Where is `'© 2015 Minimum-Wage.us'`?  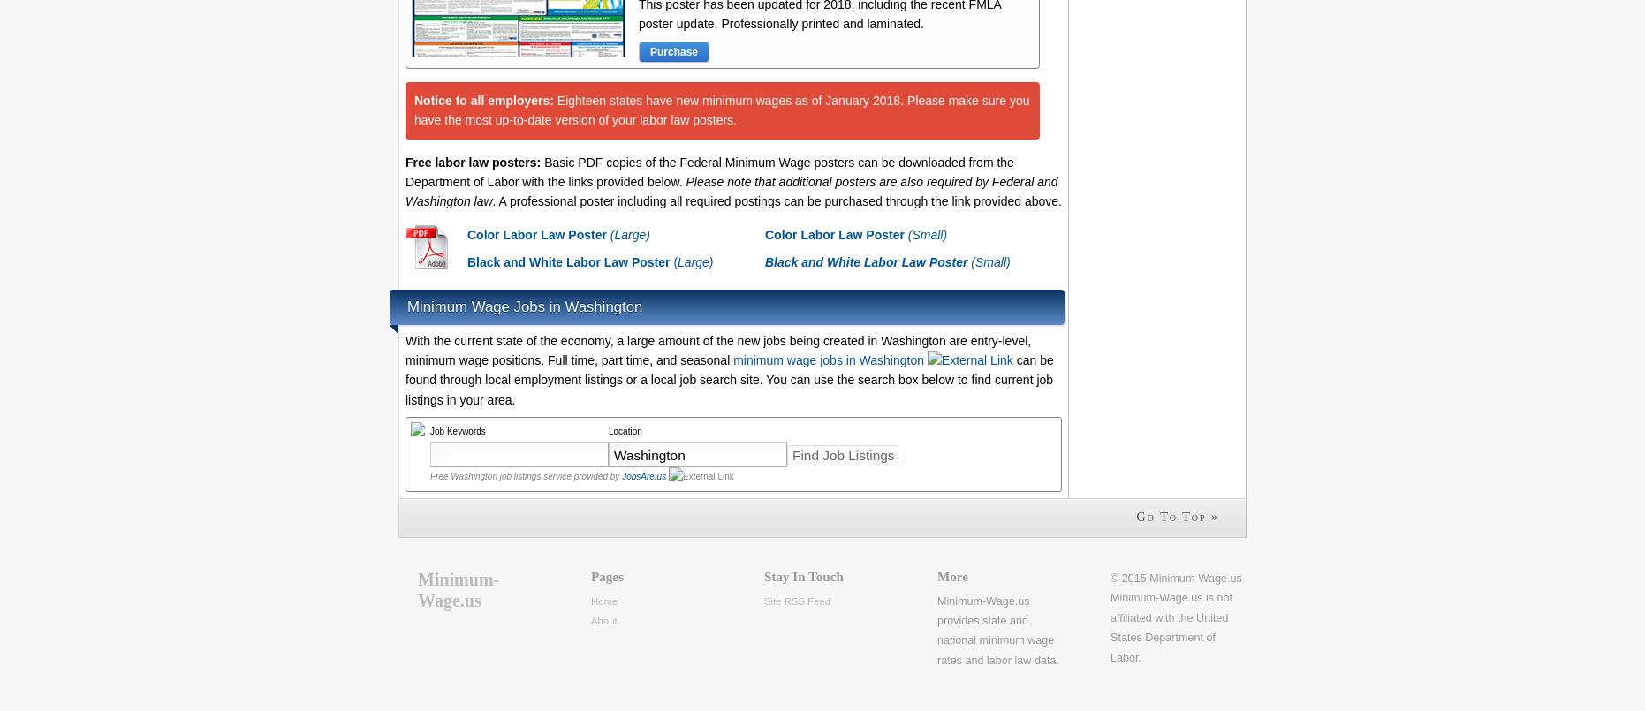 '© 2015 Minimum-Wage.us' is located at coordinates (1175, 578).